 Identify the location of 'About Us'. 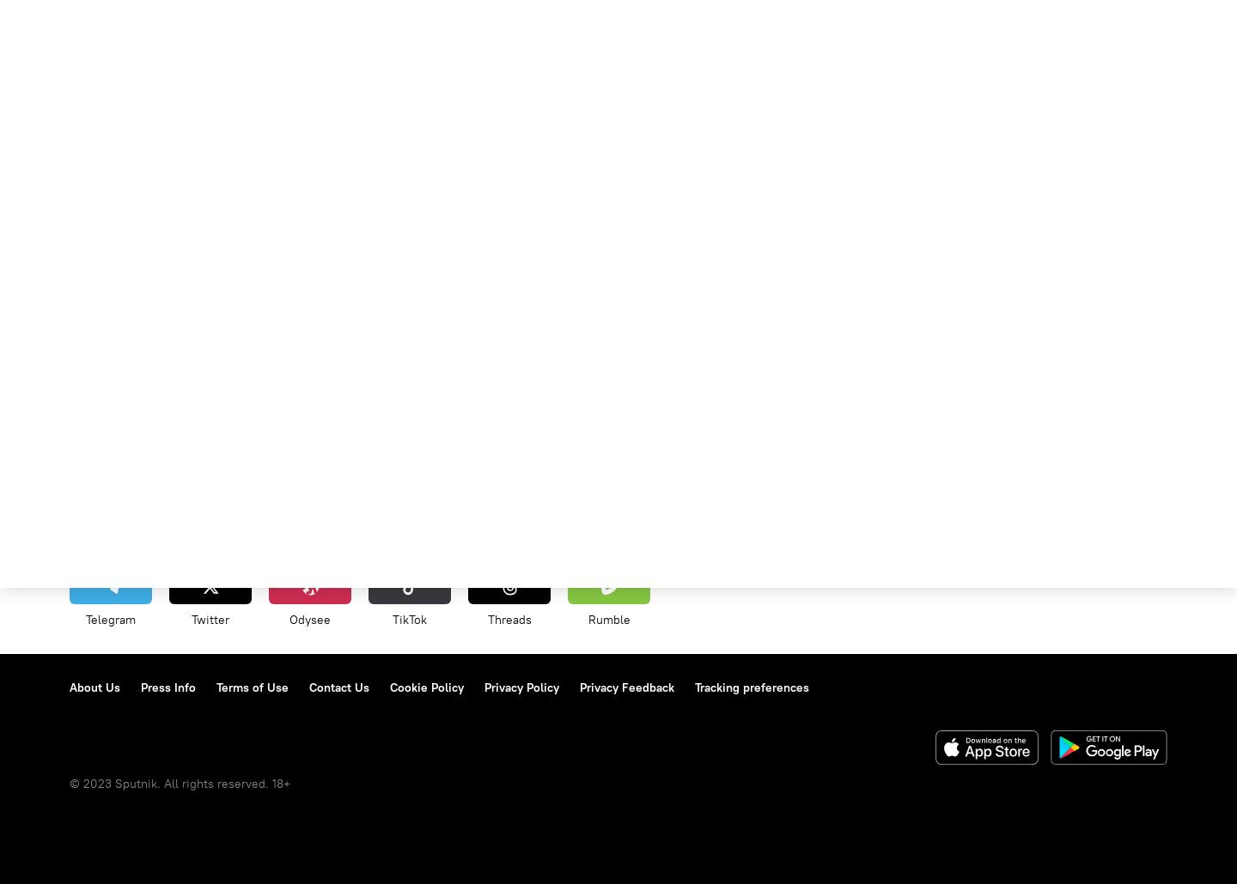
(94, 686).